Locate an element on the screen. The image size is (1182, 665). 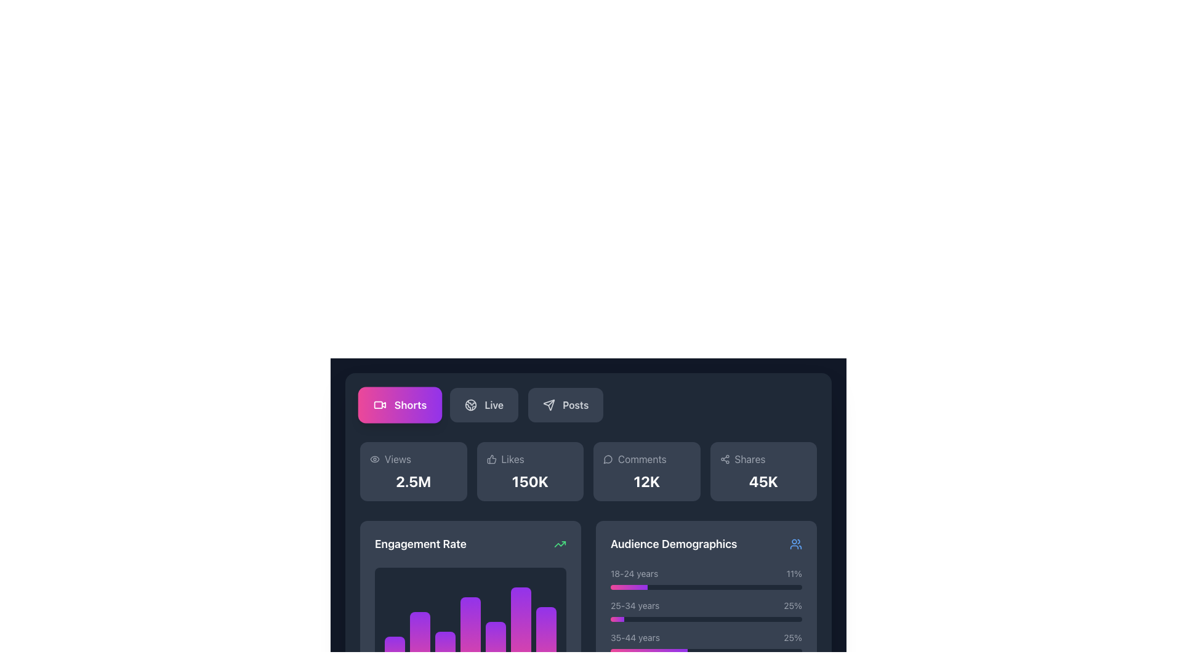
the displayed information on the 'Likes' informative card, which has a dark gray background and shows '150K' in bold white text is located at coordinates (530, 471).